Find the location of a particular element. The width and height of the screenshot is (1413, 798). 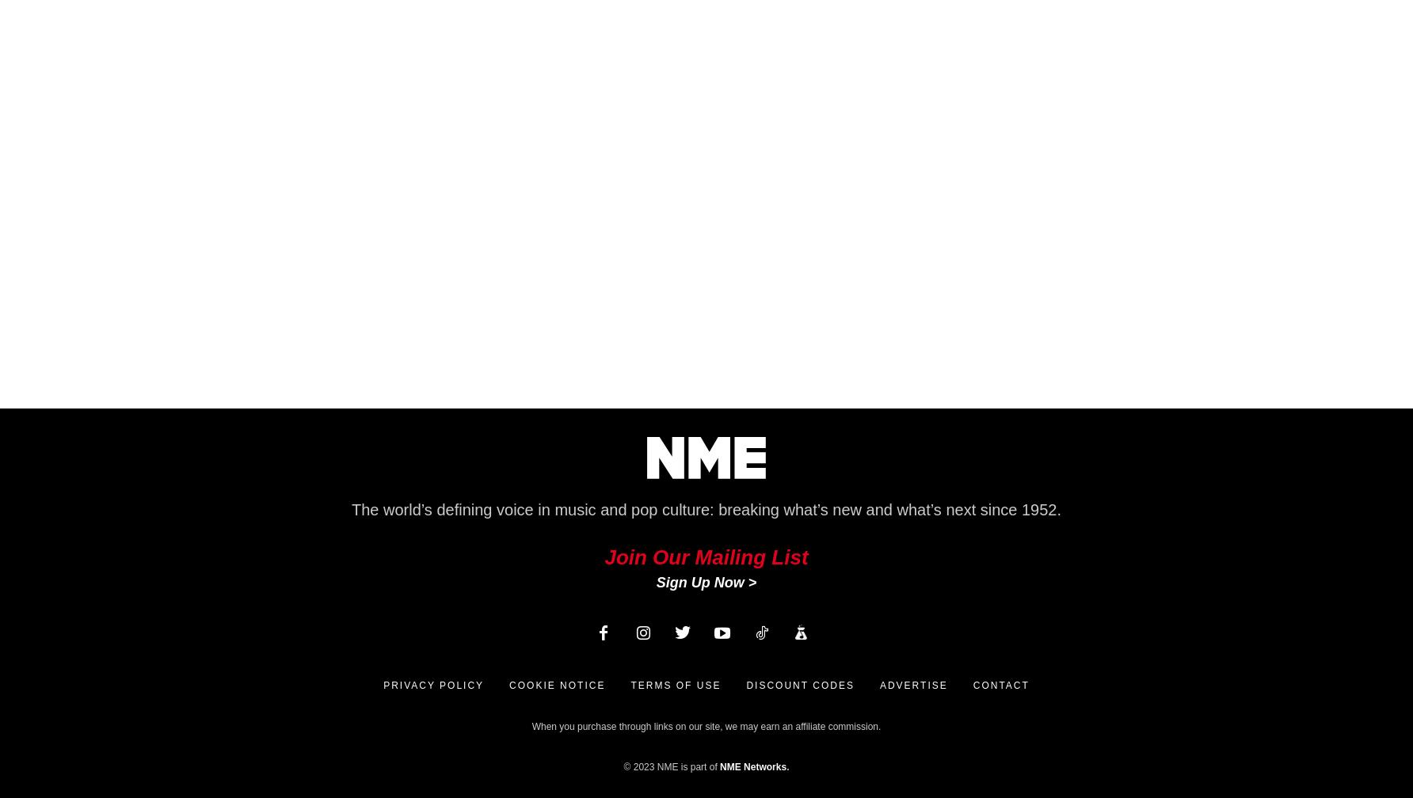

'Sign Up Now >' is located at coordinates (654, 583).